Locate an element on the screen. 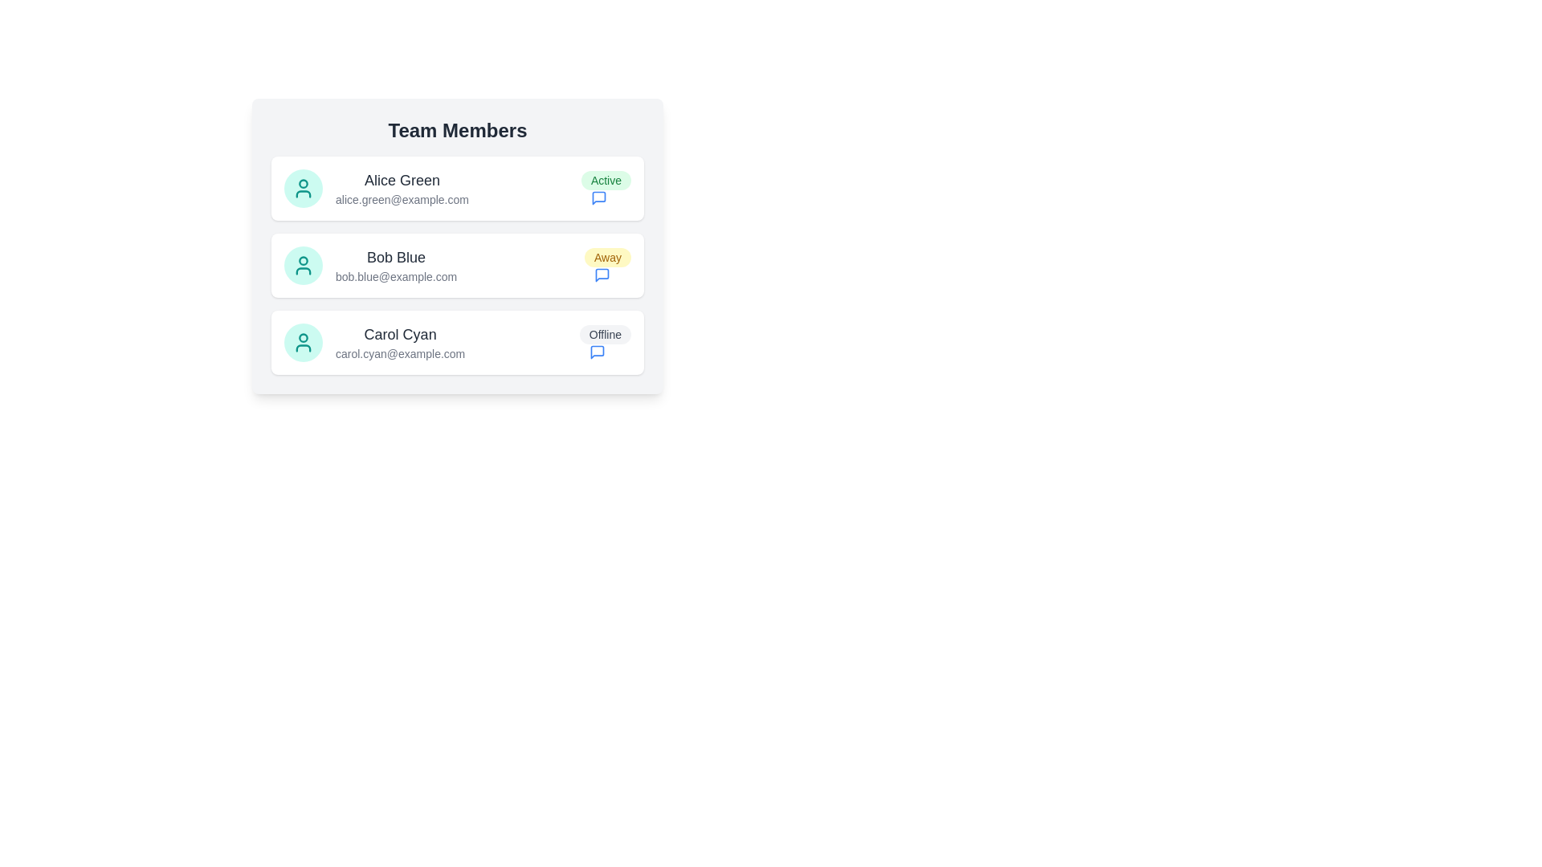 This screenshot has height=867, width=1542. the circular marker located next to 'Alice Green' in the top-left corner of the Team Members list is located at coordinates (304, 182).